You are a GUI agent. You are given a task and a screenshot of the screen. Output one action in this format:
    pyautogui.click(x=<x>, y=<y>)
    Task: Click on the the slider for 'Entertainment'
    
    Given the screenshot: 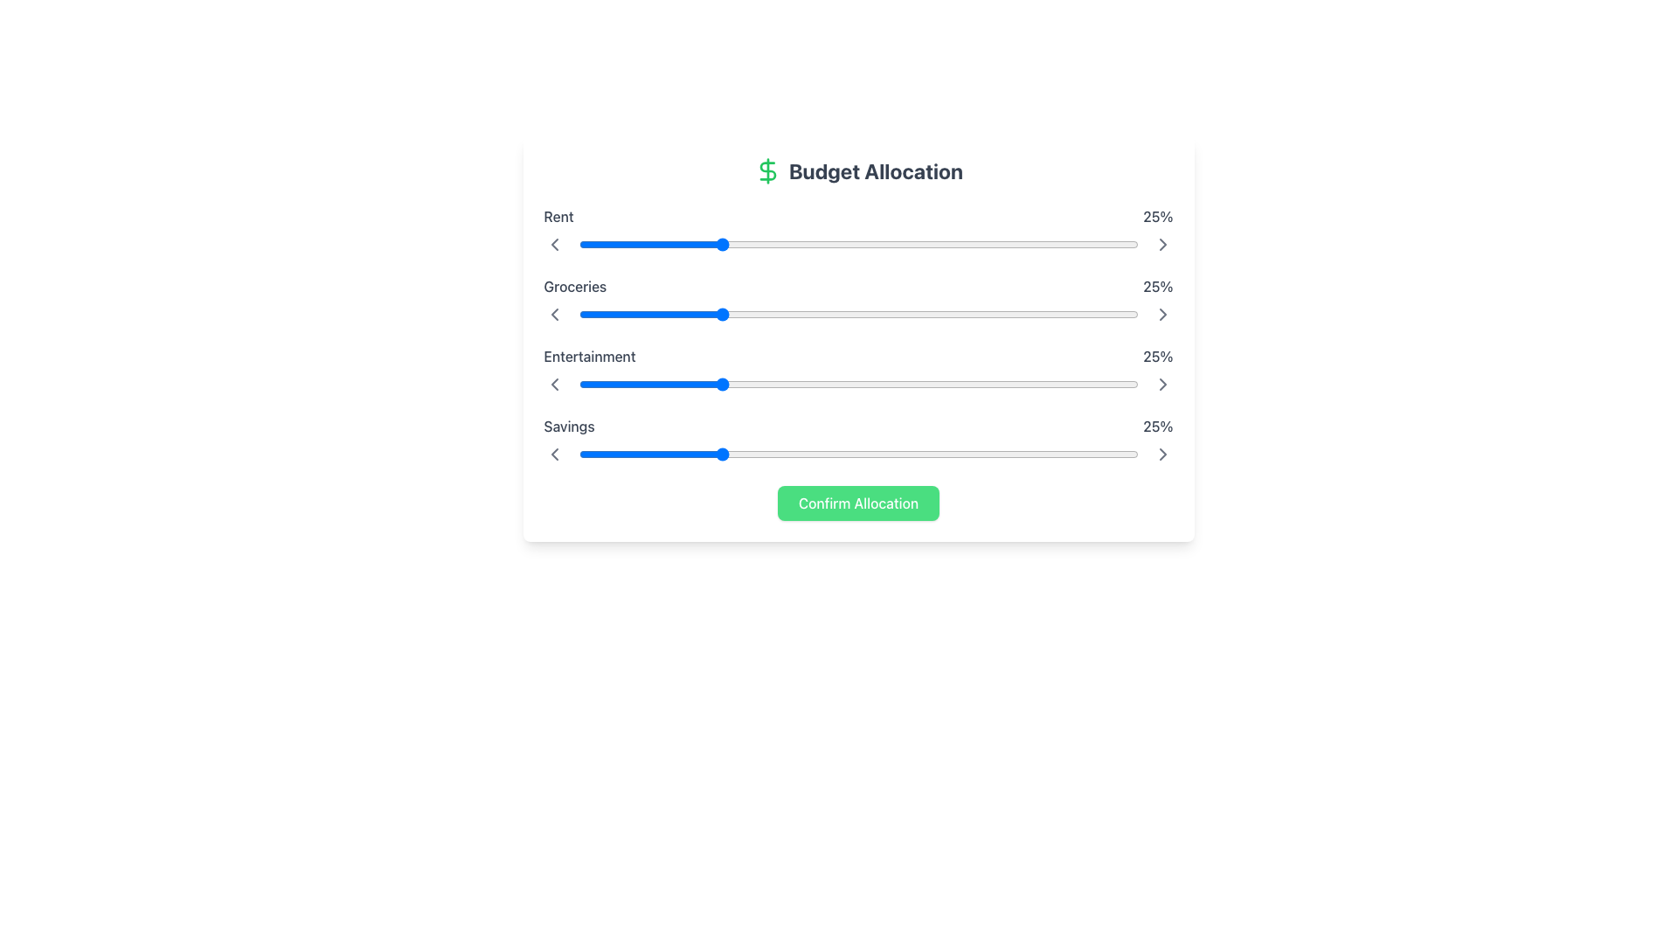 What is the action you would take?
    pyautogui.click(x=875, y=383)
    